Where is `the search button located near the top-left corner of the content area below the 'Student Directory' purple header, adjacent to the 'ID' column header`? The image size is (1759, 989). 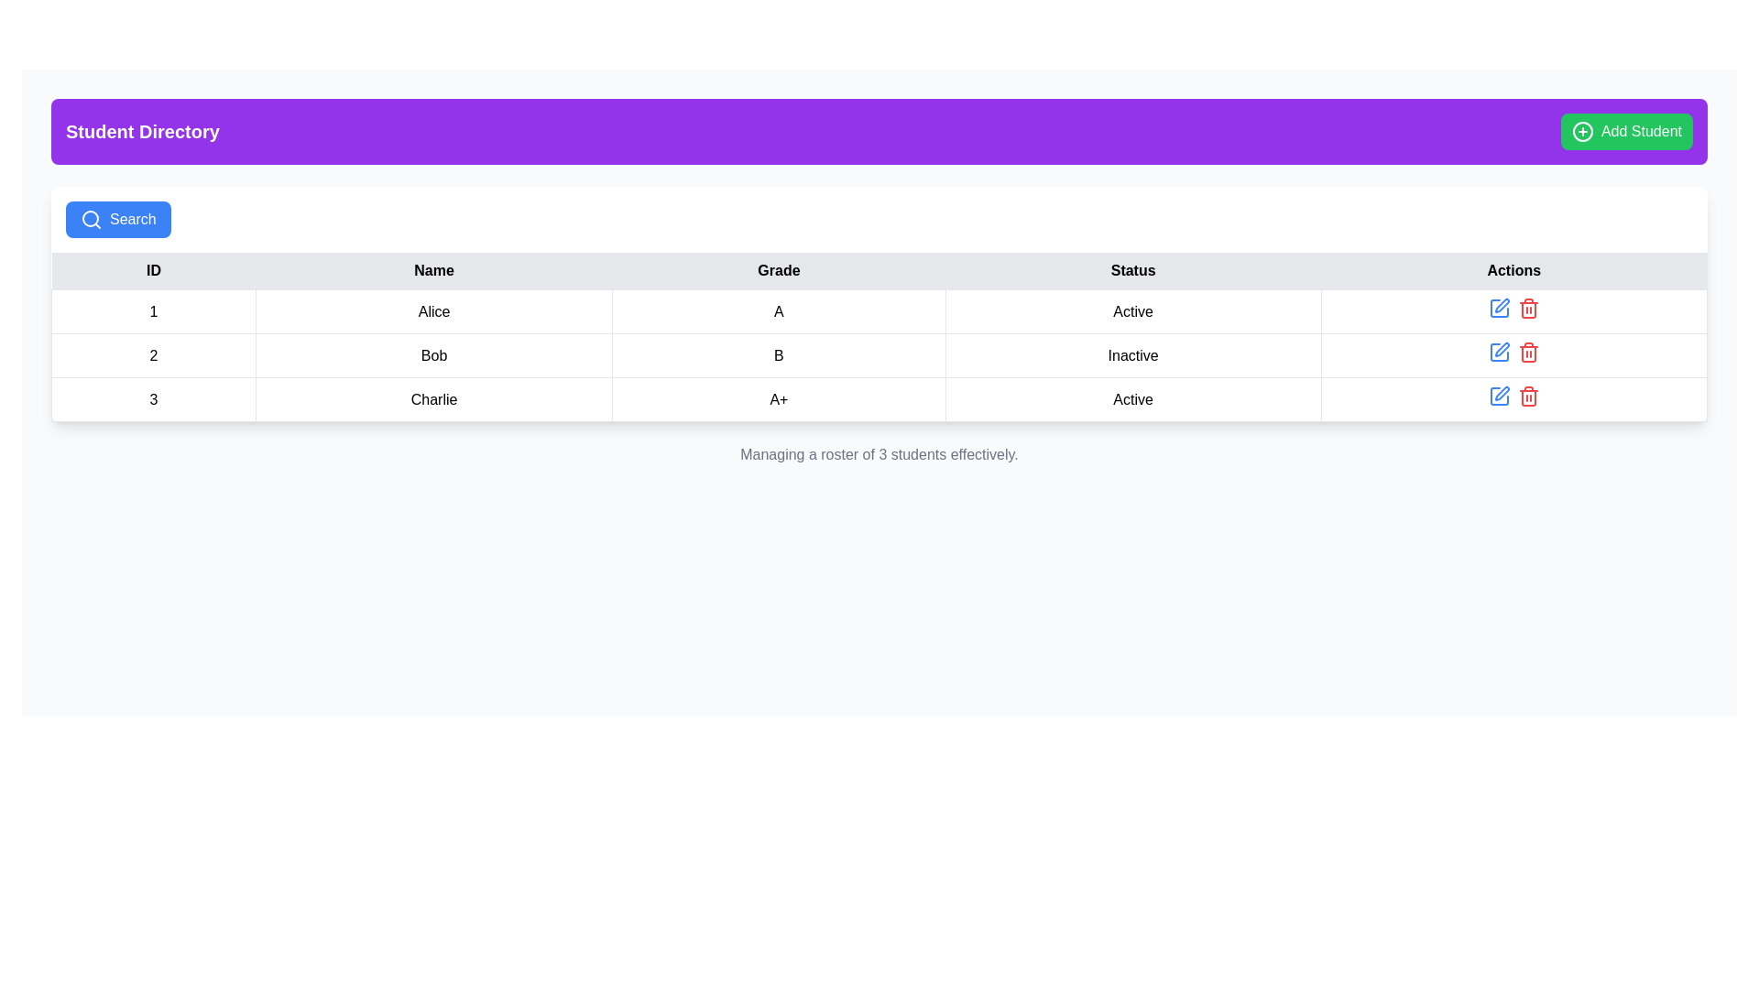
the search button located near the top-left corner of the content area below the 'Student Directory' purple header, adjacent to the 'ID' column header is located at coordinates (117, 218).